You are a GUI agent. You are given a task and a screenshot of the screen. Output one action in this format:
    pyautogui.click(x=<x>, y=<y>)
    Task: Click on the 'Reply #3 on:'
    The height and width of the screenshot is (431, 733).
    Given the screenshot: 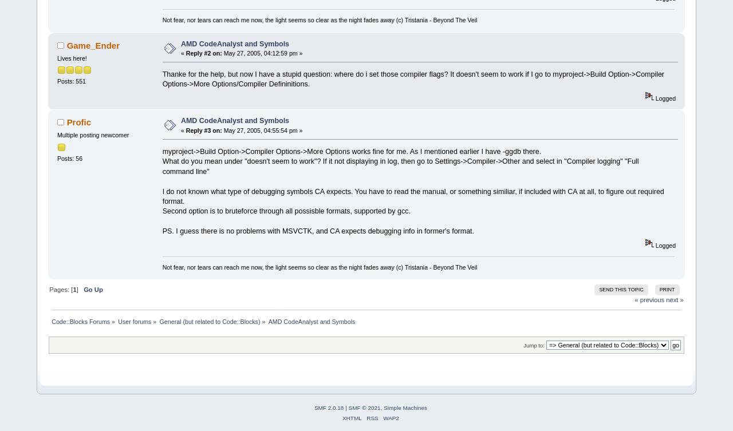 What is the action you would take?
    pyautogui.click(x=203, y=129)
    